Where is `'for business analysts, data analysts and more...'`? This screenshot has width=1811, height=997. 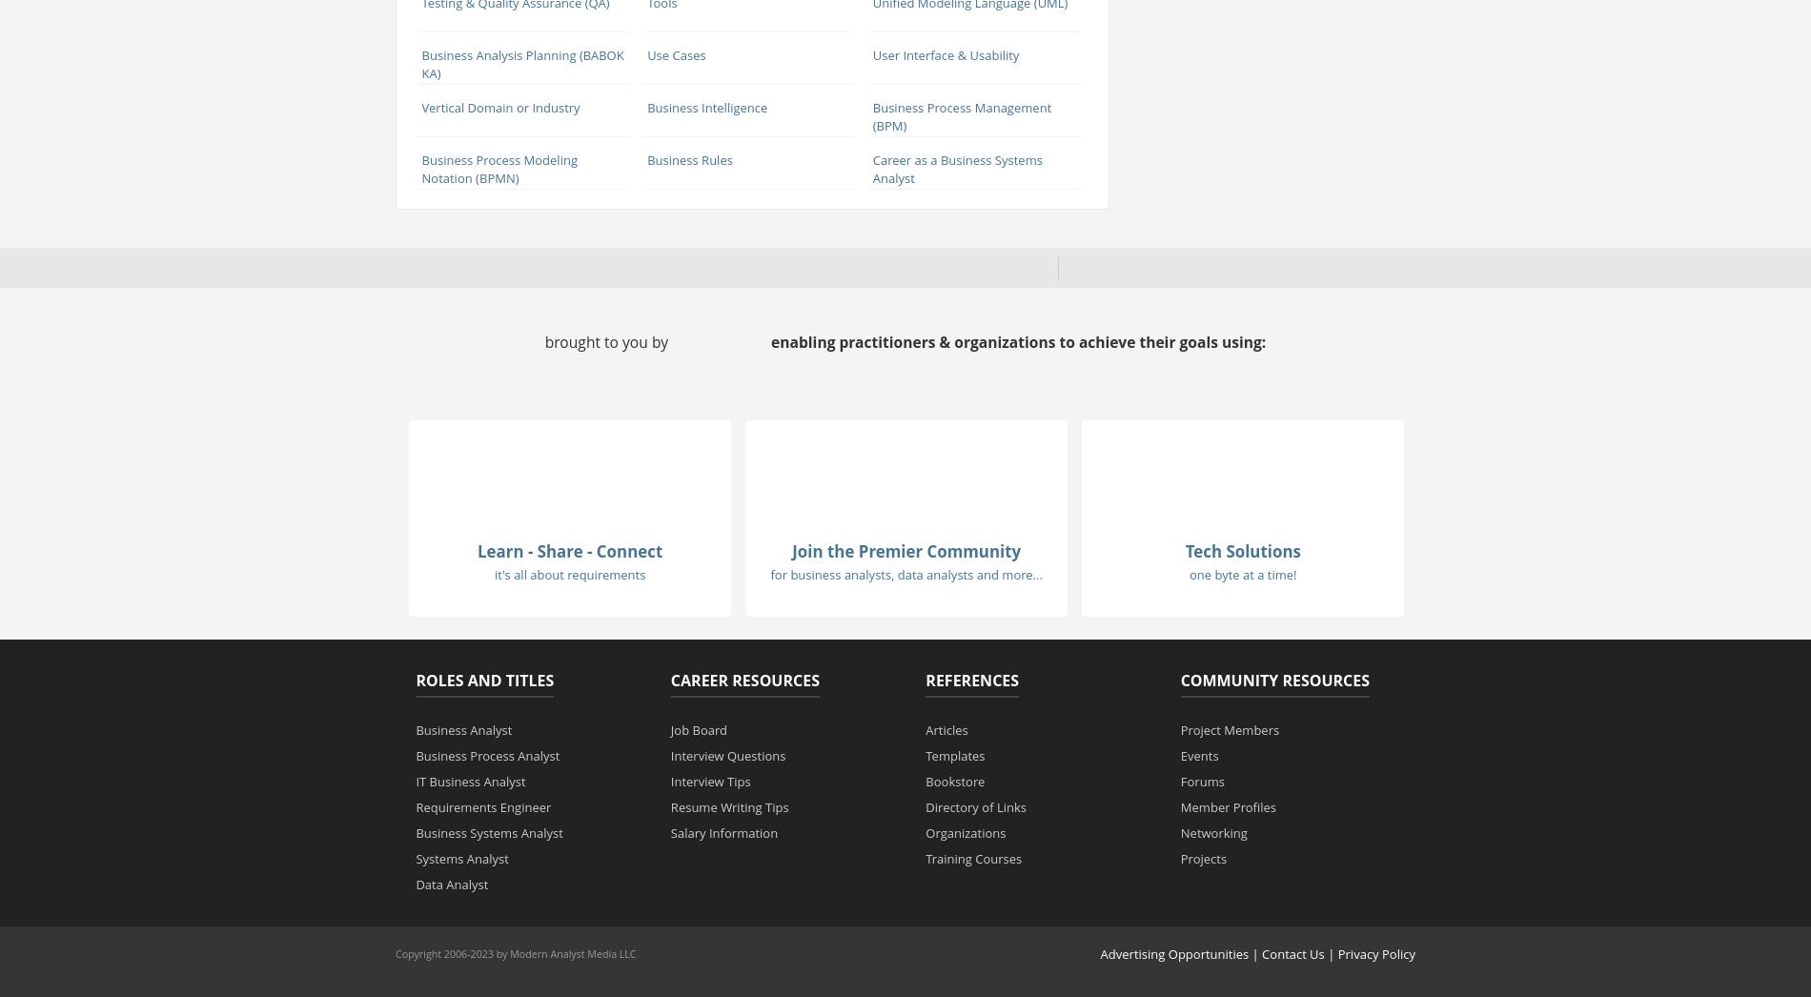
'for business analysts, data analysts and more...' is located at coordinates (905, 575).